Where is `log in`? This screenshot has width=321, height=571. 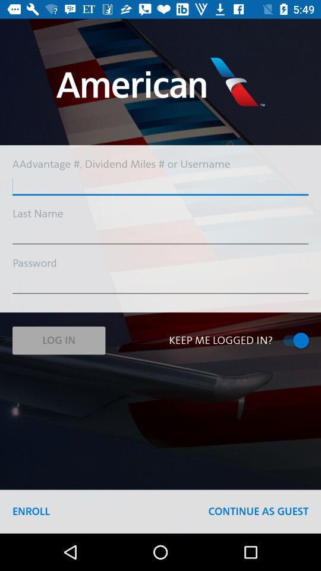
log in is located at coordinates (58, 340).